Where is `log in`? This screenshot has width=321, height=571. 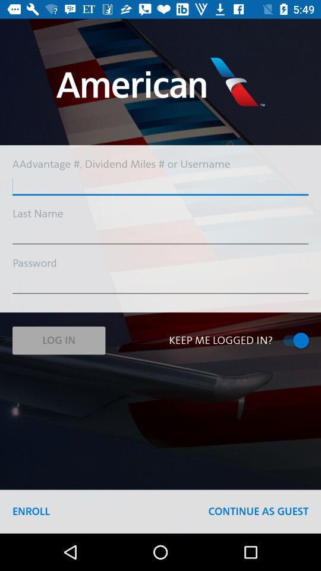
log in is located at coordinates (58, 340).